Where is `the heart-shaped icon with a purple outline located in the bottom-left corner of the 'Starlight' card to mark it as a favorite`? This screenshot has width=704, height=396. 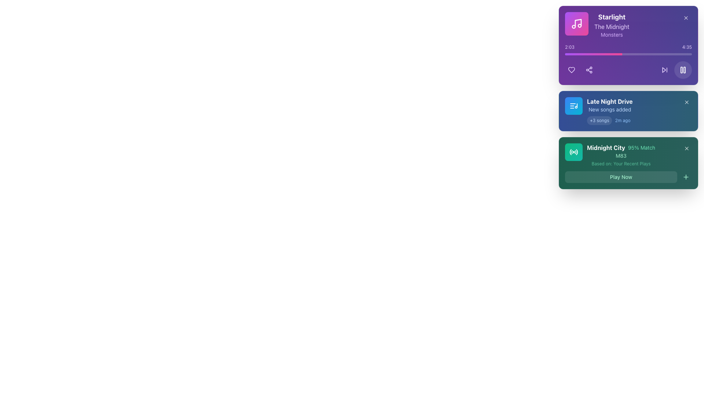
the heart-shaped icon with a purple outline located in the bottom-left corner of the 'Starlight' card to mark it as a favorite is located at coordinates (571, 70).